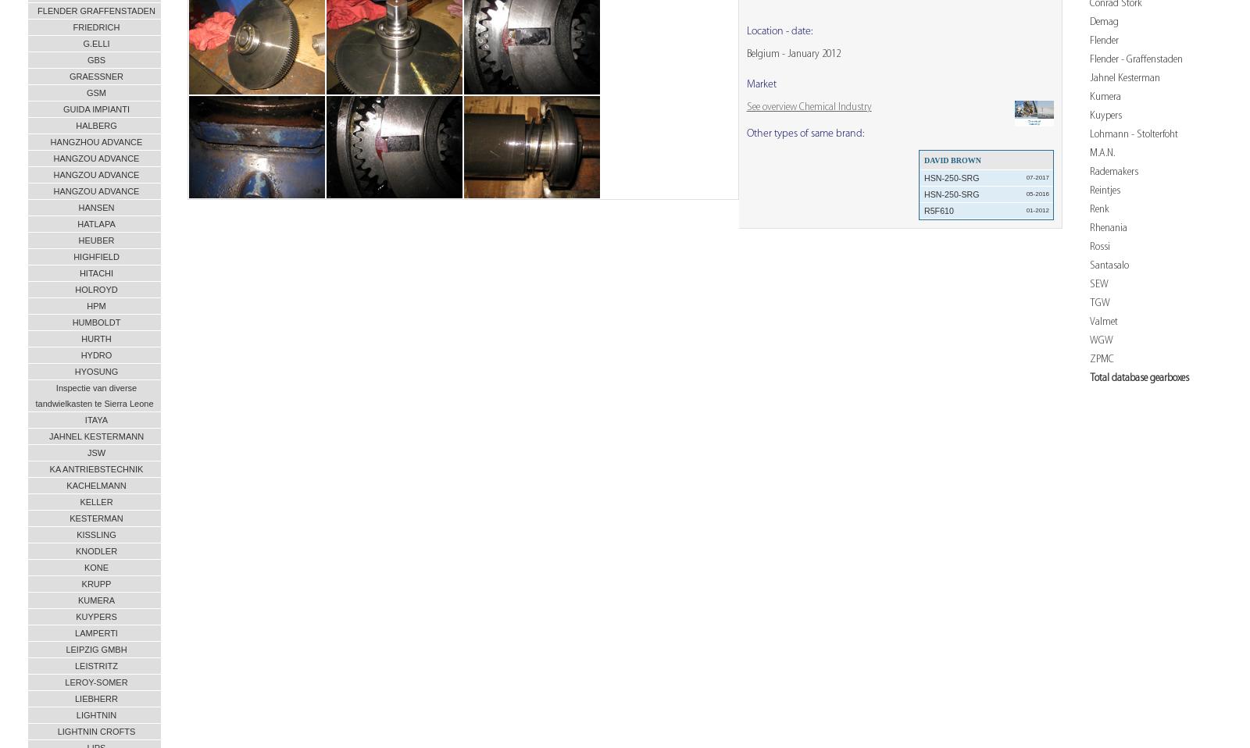 The image size is (1250, 748). What do you see at coordinates (95, 517) in the screenshot?
I see `'KESTERMAN'` at bounding box center [95, 517].